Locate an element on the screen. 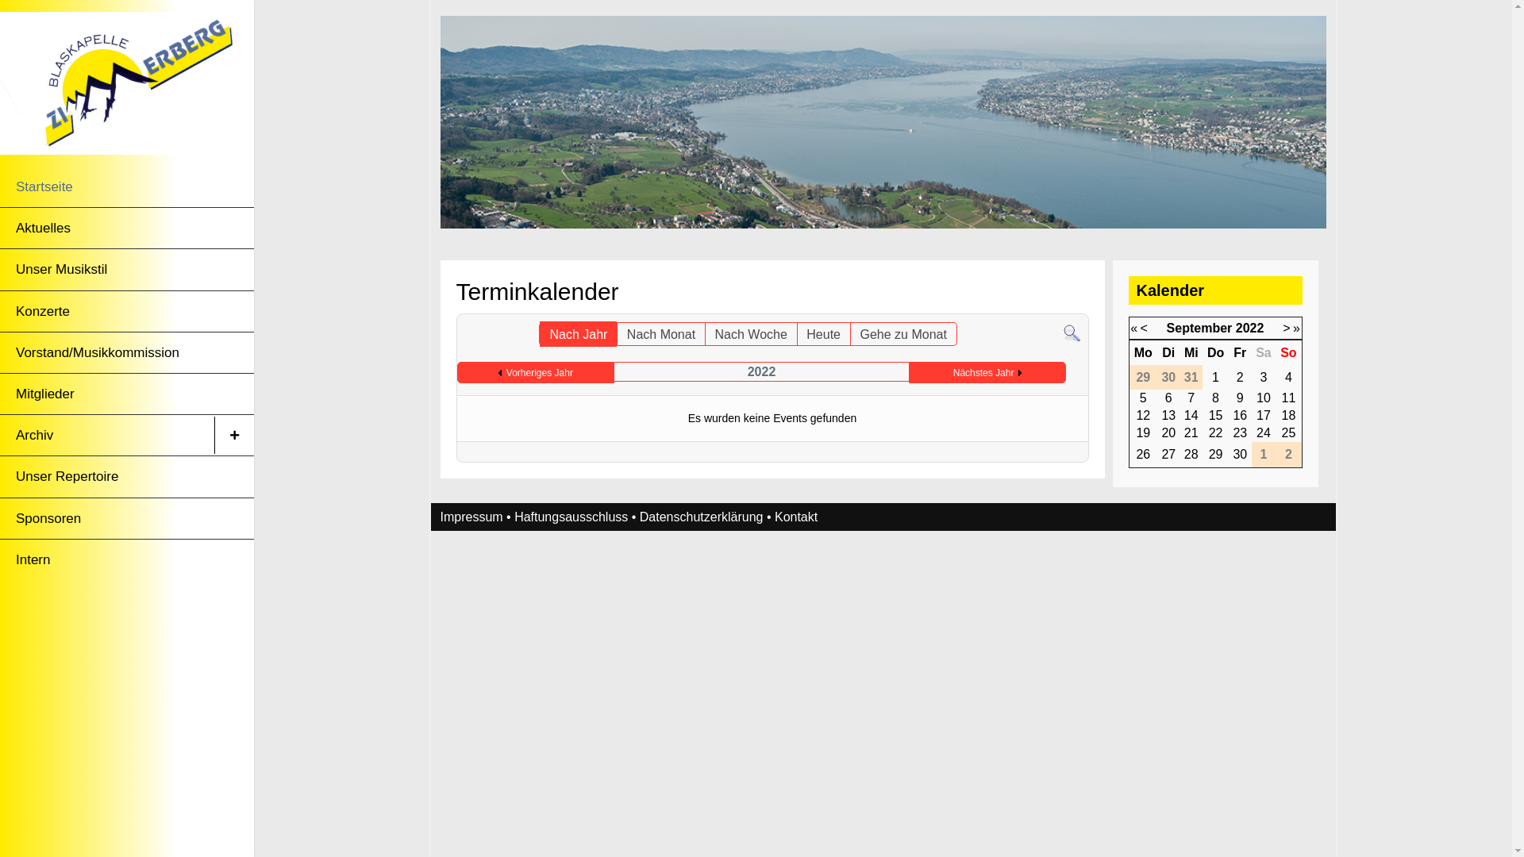 This screenshot has height=857, width=1524. '11' is located at coordinates (1288, 397).